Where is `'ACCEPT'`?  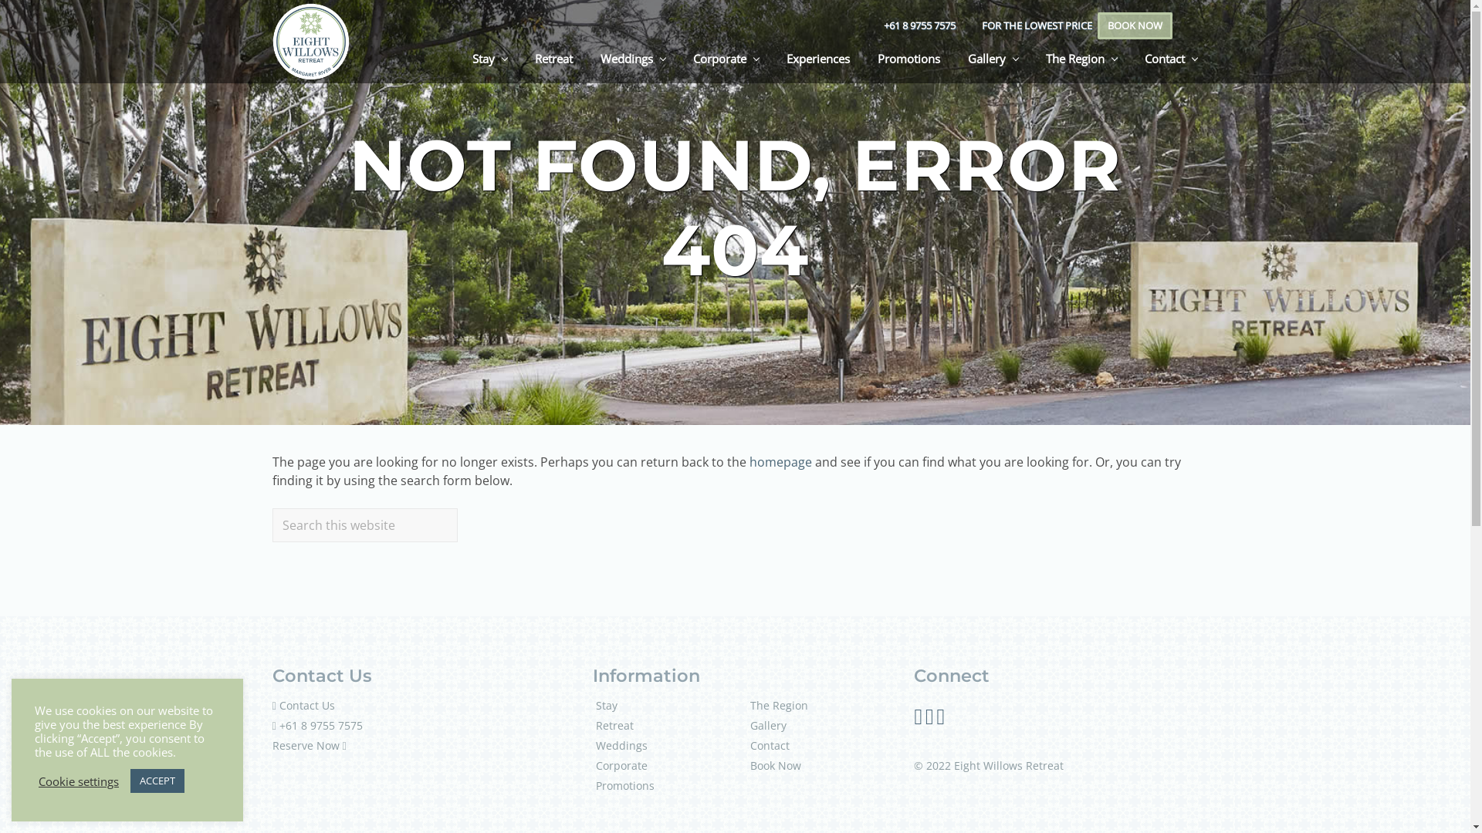
'ACCEPT' is located at coordinates (157, 781).